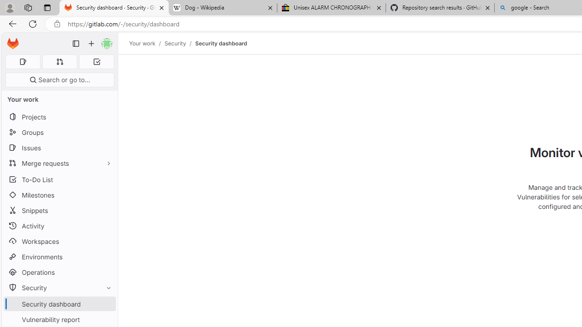 Image resolution: width=582 pixels, height=327 pixels. What do you see at coordinates (59, 132) in the screenshot?
I see `'Groups'` at bounding box center [59, 132].